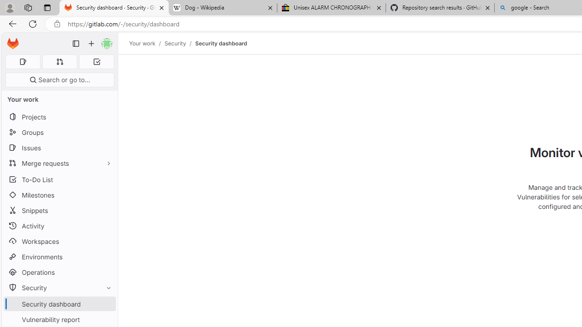 Image resolution: width=582 pixels, height=327 pixels. What do you see at coordinates (59, 132) in the screenshot?
I see `'Groups'` at bounding box center [59, 132].